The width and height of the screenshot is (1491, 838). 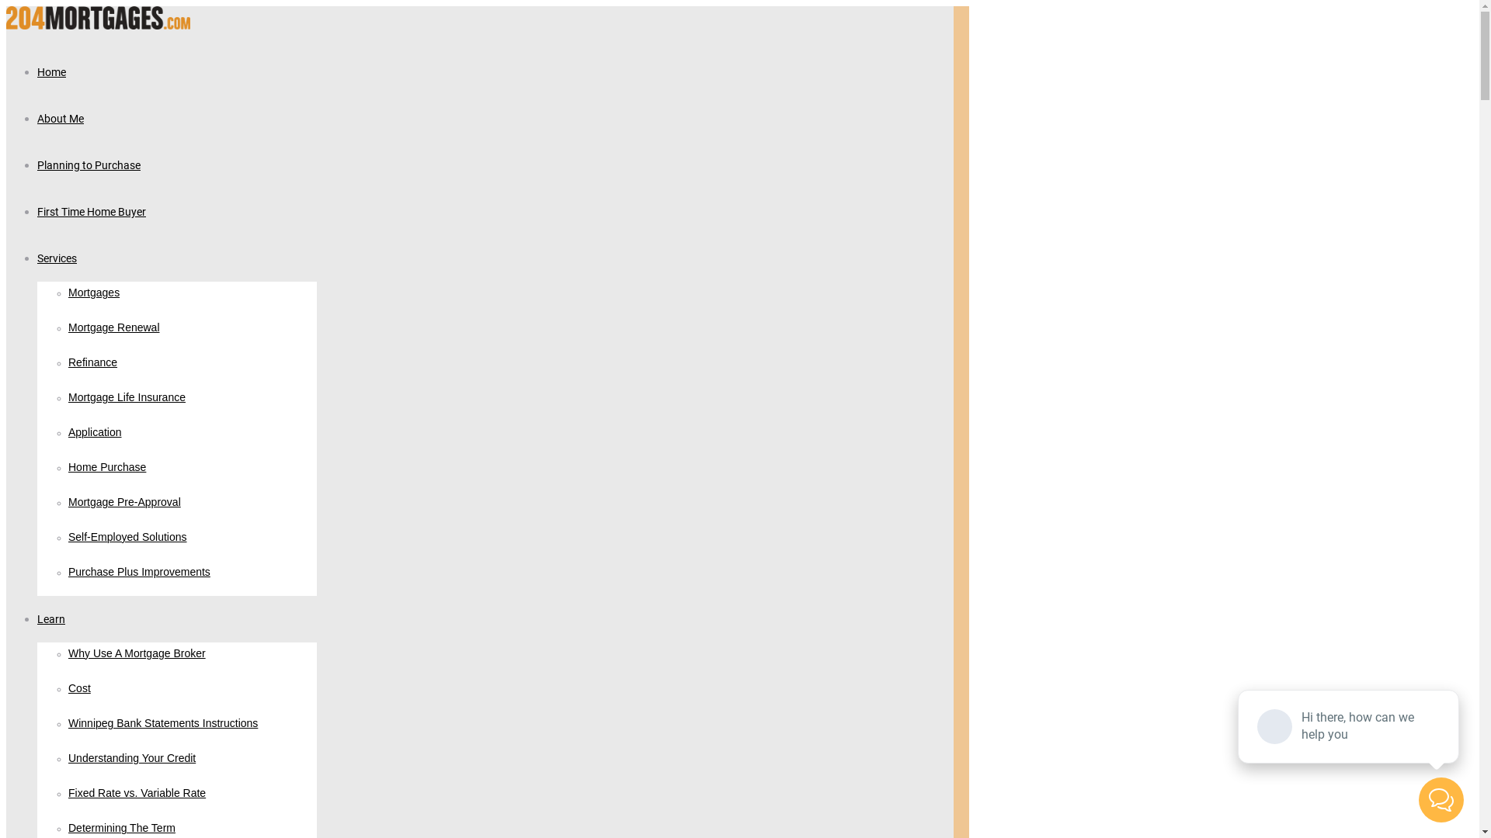 I want to click on 'Refinance', so click(x=92, y=362).